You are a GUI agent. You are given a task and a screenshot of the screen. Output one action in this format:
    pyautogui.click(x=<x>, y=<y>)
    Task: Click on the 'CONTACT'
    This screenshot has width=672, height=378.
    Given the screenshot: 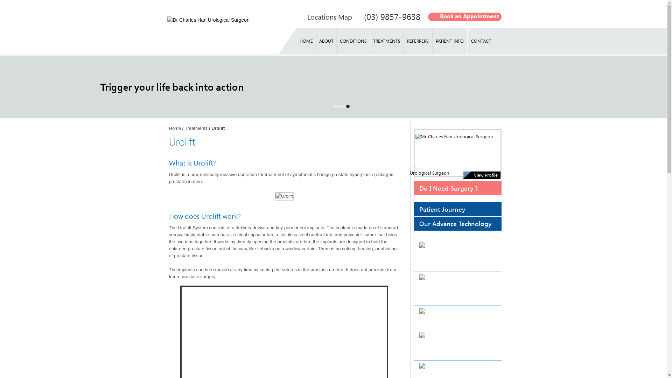 What is the action you would take?
    pyautogui.click(x=480, y=41)
    